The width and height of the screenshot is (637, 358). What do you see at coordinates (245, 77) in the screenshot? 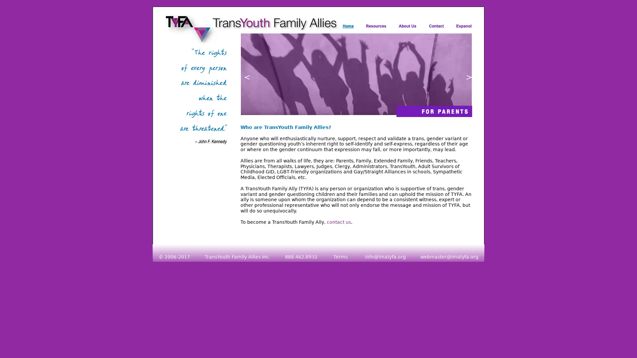
I see `previous` at bounding box center [245, 77].